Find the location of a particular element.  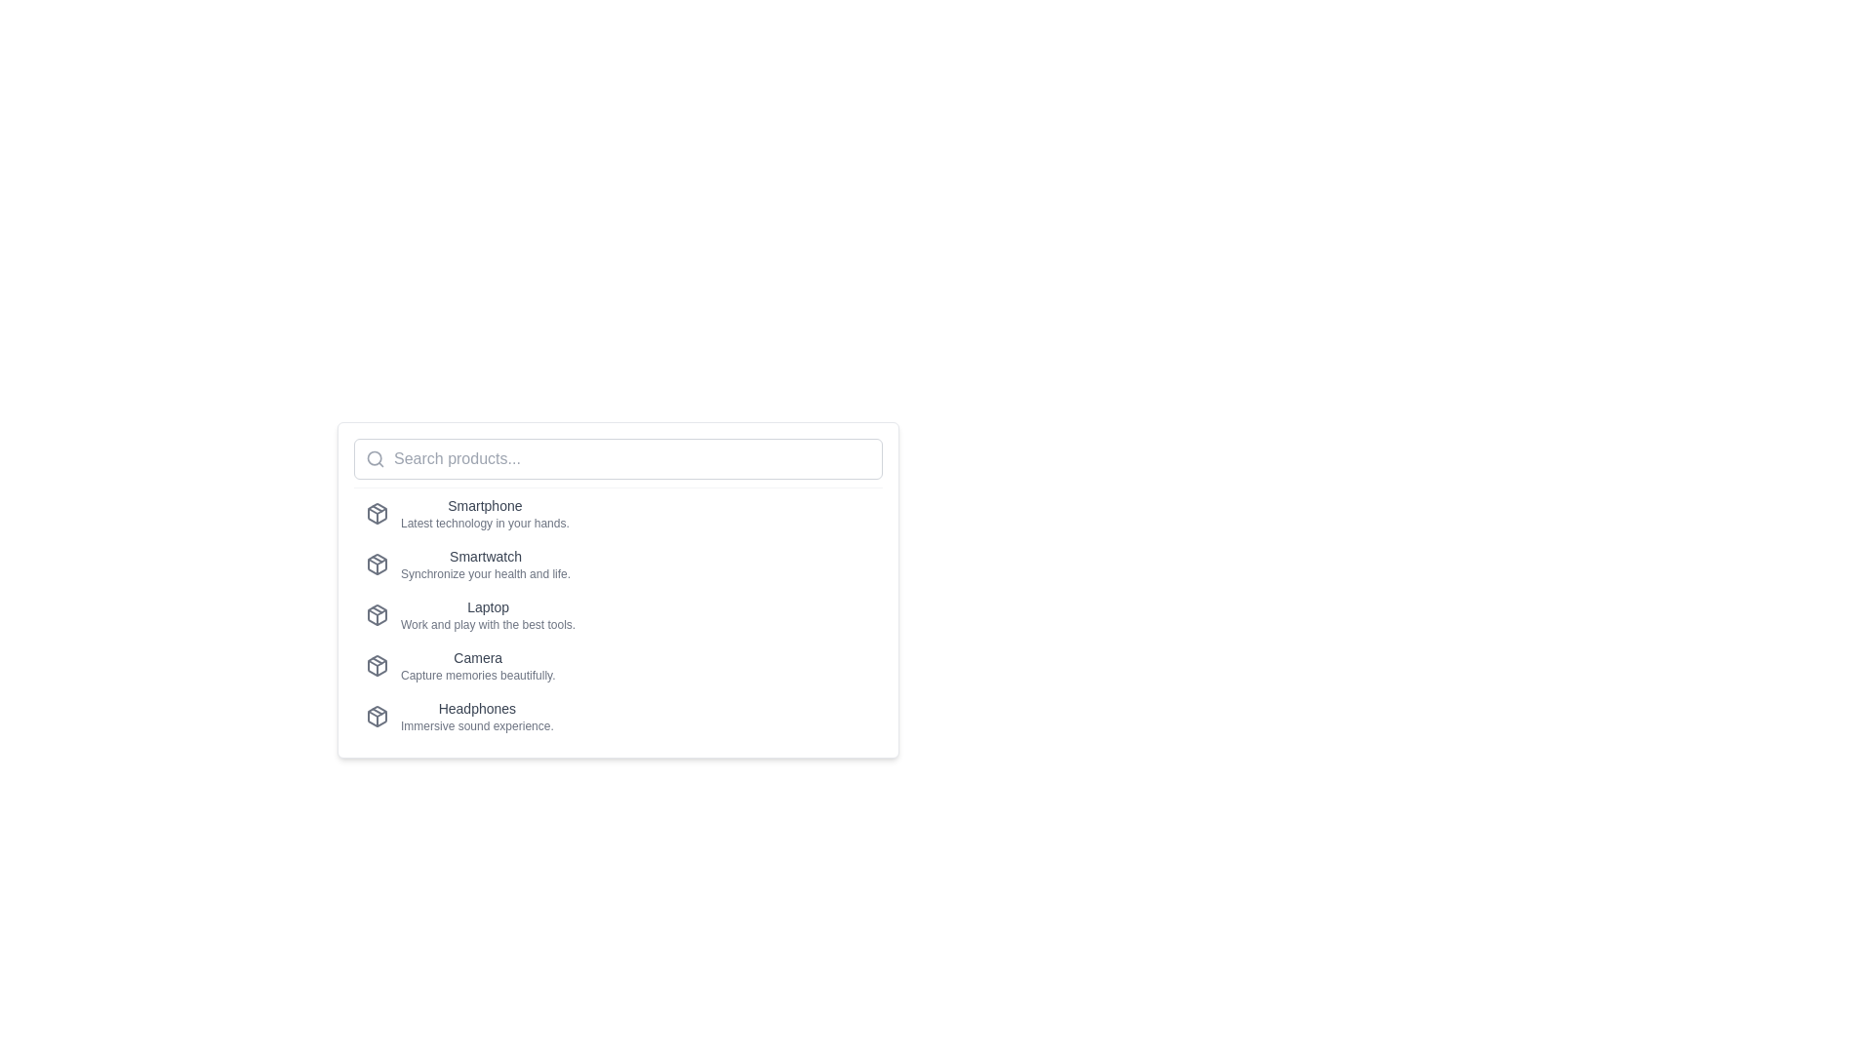

the small circular element styled as part of a search icon, which is the lens of a magnifying glass within an SVG graphic located at the top-left corner of the search bar component is located at coordinates (375, 458).